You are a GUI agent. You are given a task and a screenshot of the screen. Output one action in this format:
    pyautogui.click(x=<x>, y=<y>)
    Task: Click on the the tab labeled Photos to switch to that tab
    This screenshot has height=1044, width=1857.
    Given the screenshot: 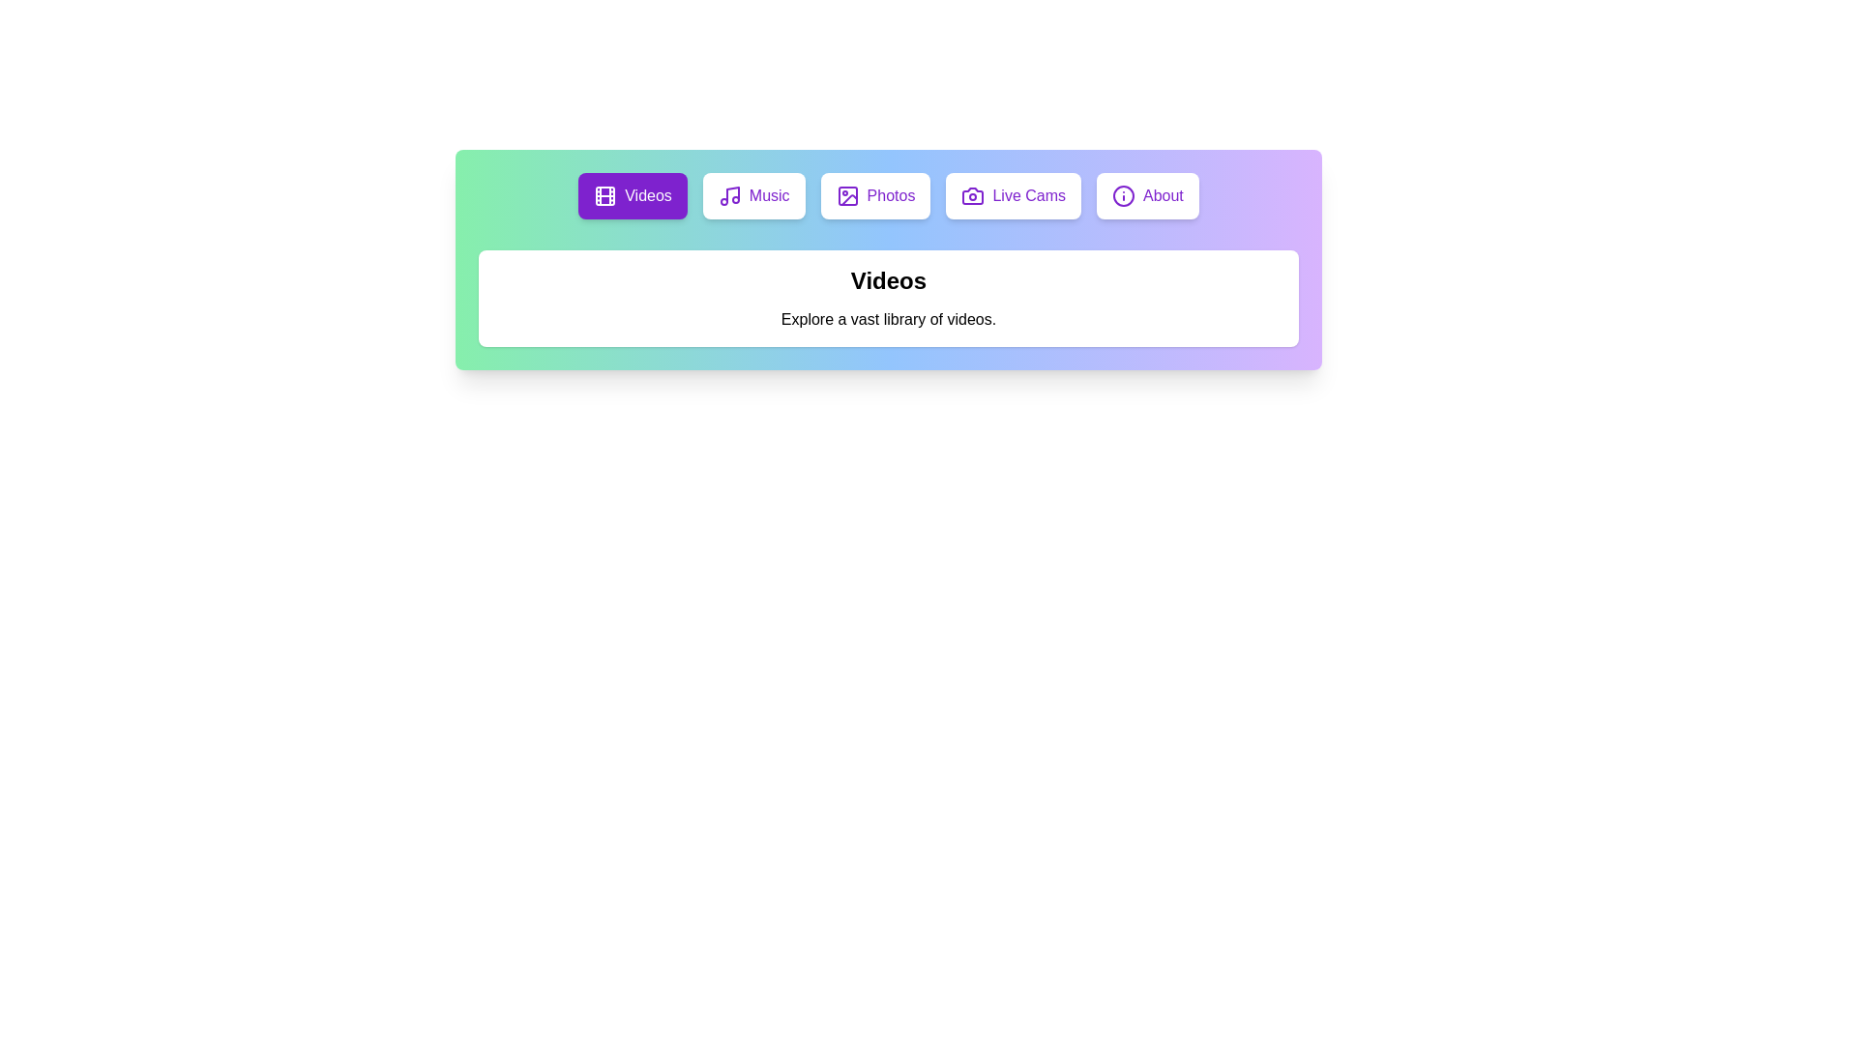 What is the action you would take?
    pyautogui.click(x=874, y=196)
    